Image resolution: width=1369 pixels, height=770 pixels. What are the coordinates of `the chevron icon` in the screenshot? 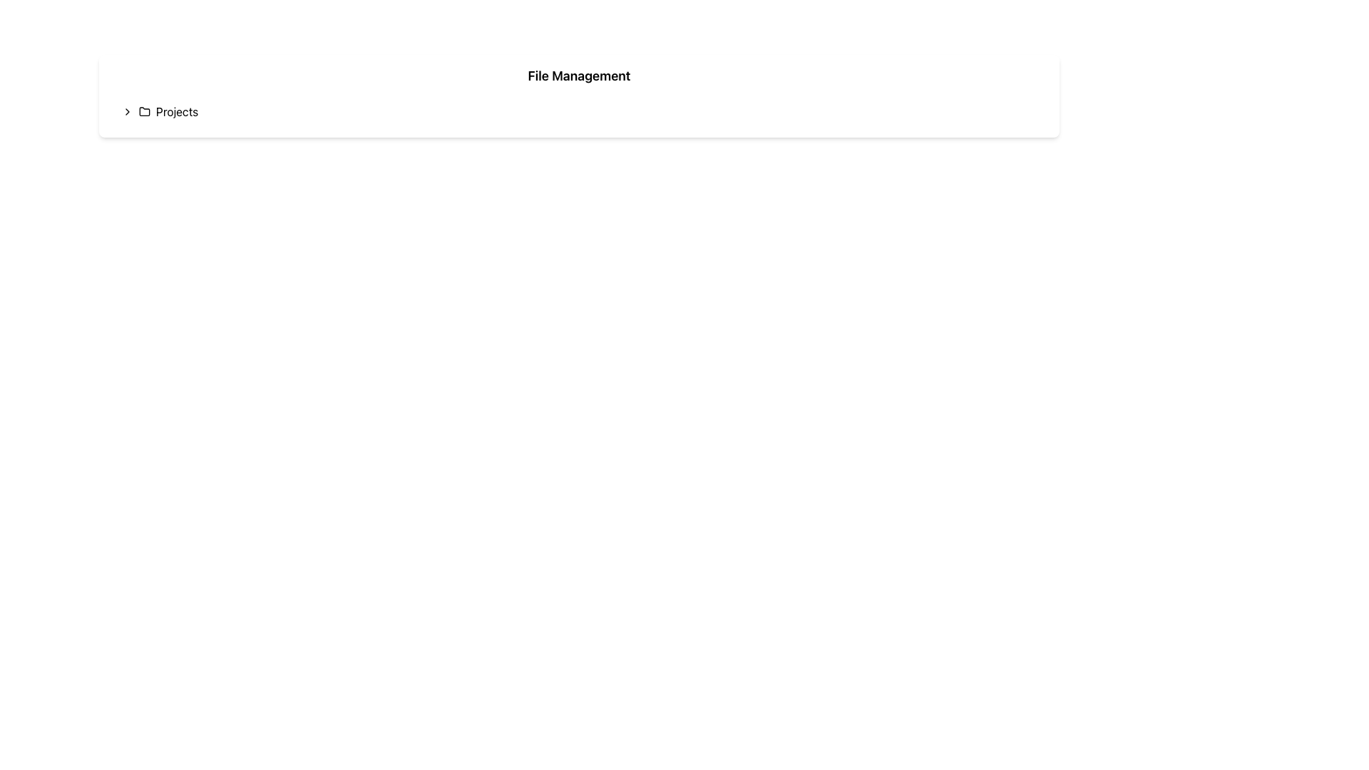 It's located at (127, 111).